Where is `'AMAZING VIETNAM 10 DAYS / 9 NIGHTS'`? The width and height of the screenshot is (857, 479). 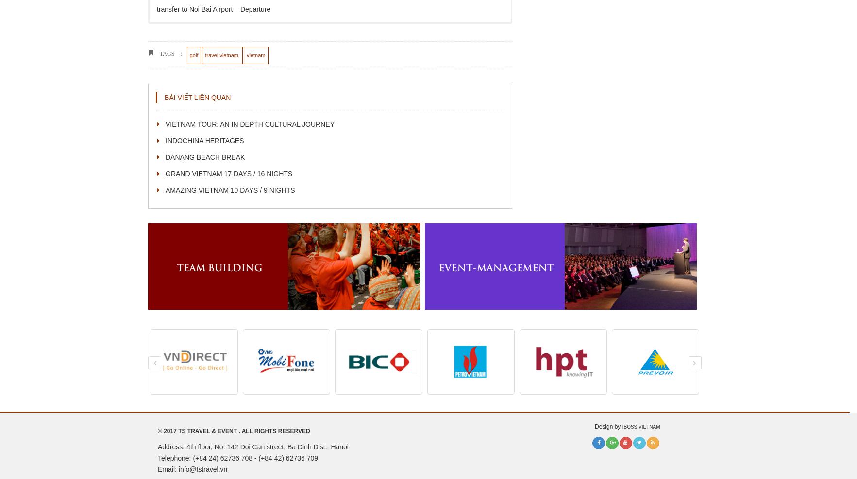
'AMAZING VIETNAM 10 DAYS / 9 NIGHTS' is located at coordinates (230, 189).